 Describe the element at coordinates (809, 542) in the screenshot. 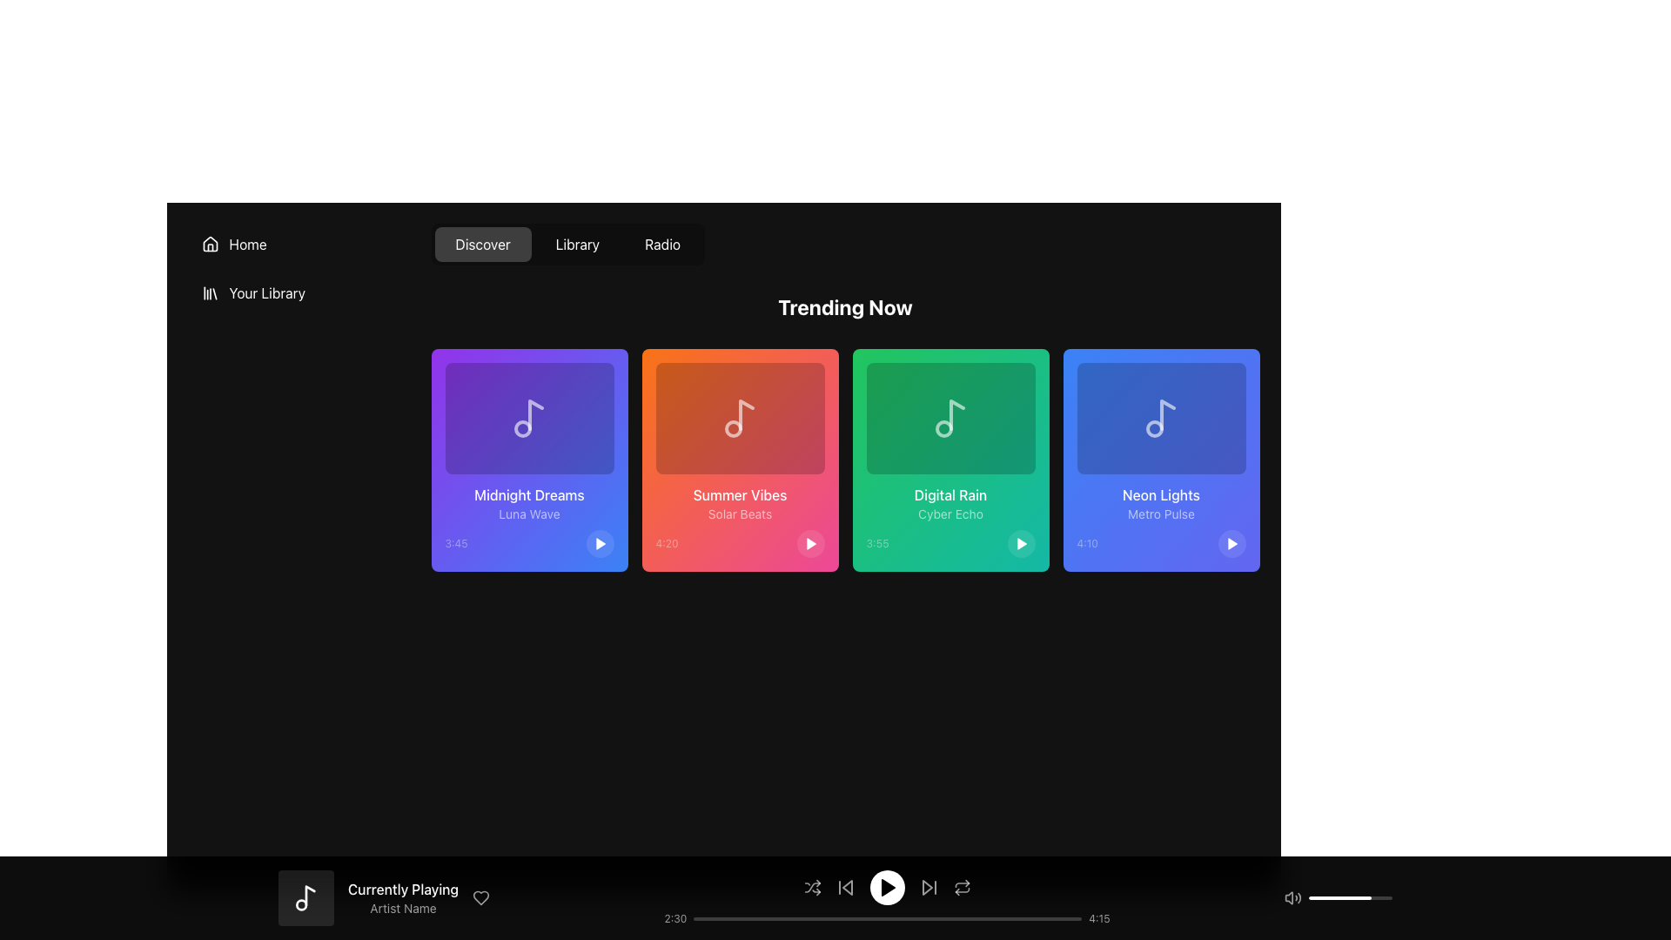

I see `the circular play button with a semi-transparent white background and a triangular play symbol, located at the bottom-right corner of the 'Summer Vibes' card` at that location.